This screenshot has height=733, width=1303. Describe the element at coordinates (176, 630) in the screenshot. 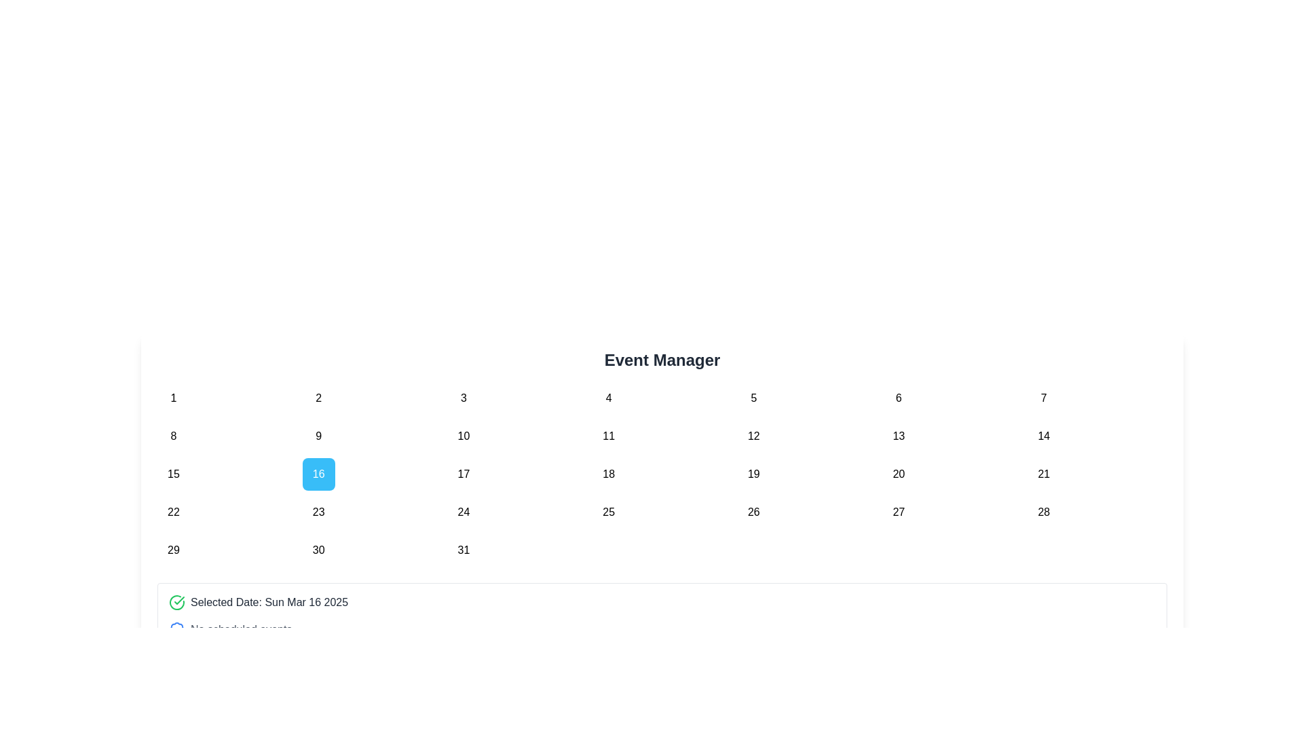

I see `the circular badge styled with a blue outline and white fill, located in the bottom-left corner beneath the date selection section` at that location.